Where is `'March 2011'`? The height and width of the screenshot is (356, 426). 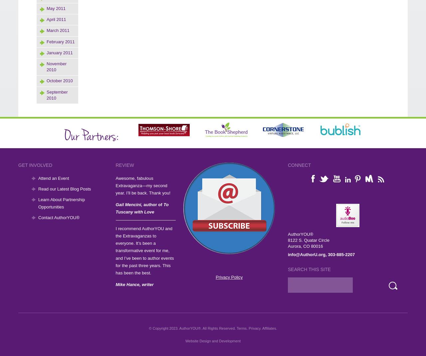
'March 2011' is located at coordinates (58, 30).